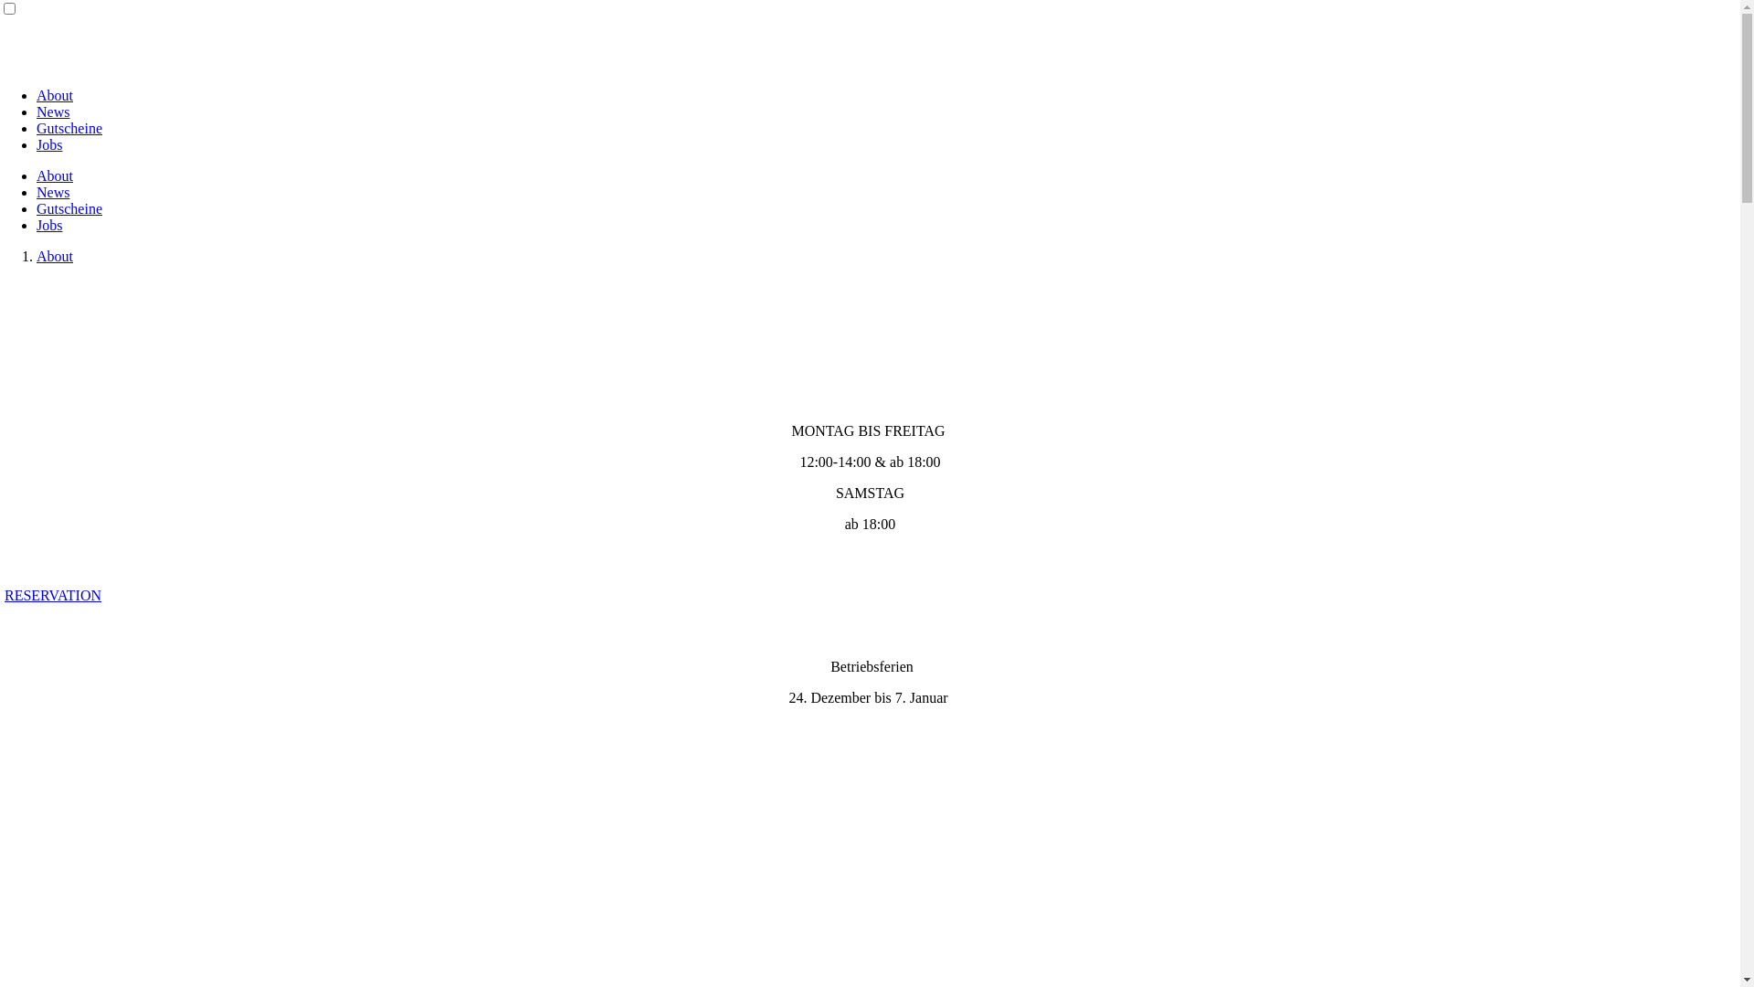 This screenshot has width=1754, height=987. Describe the element at coordinates (48, 224) in the screenshot. I see `'Jobs'` at that location.